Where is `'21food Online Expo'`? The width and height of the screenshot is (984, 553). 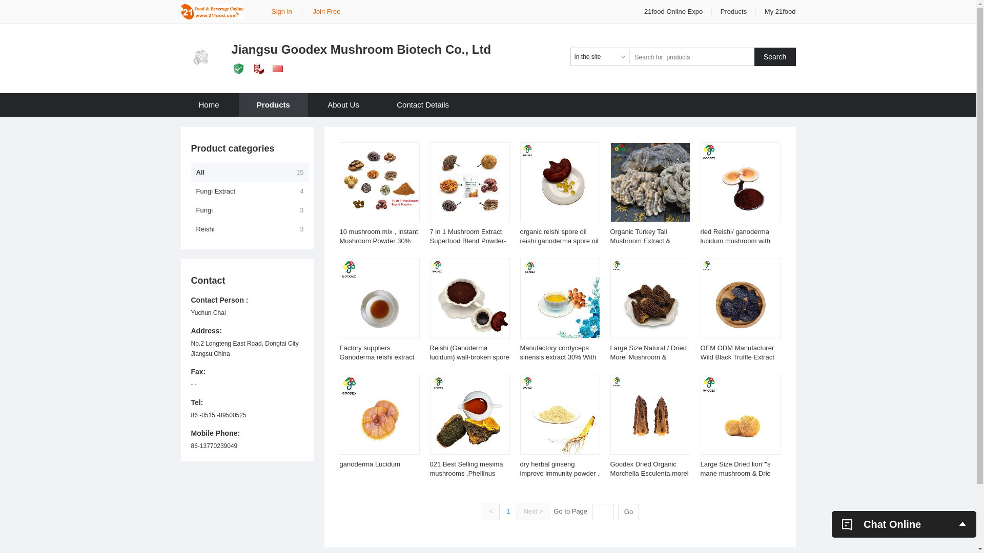
'21food Online Expo' is located at coordinates (674, 11).